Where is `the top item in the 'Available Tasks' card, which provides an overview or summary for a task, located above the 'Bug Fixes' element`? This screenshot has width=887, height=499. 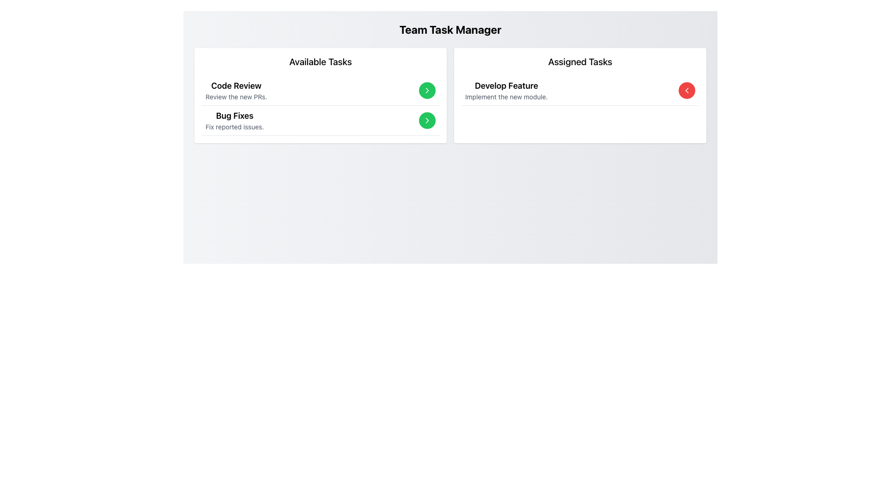
the top item in the 'Available Tasks' card, which provides an overview or summary for a task, located above the 'Bug Fixes' element is located at coordinates (236, 91).